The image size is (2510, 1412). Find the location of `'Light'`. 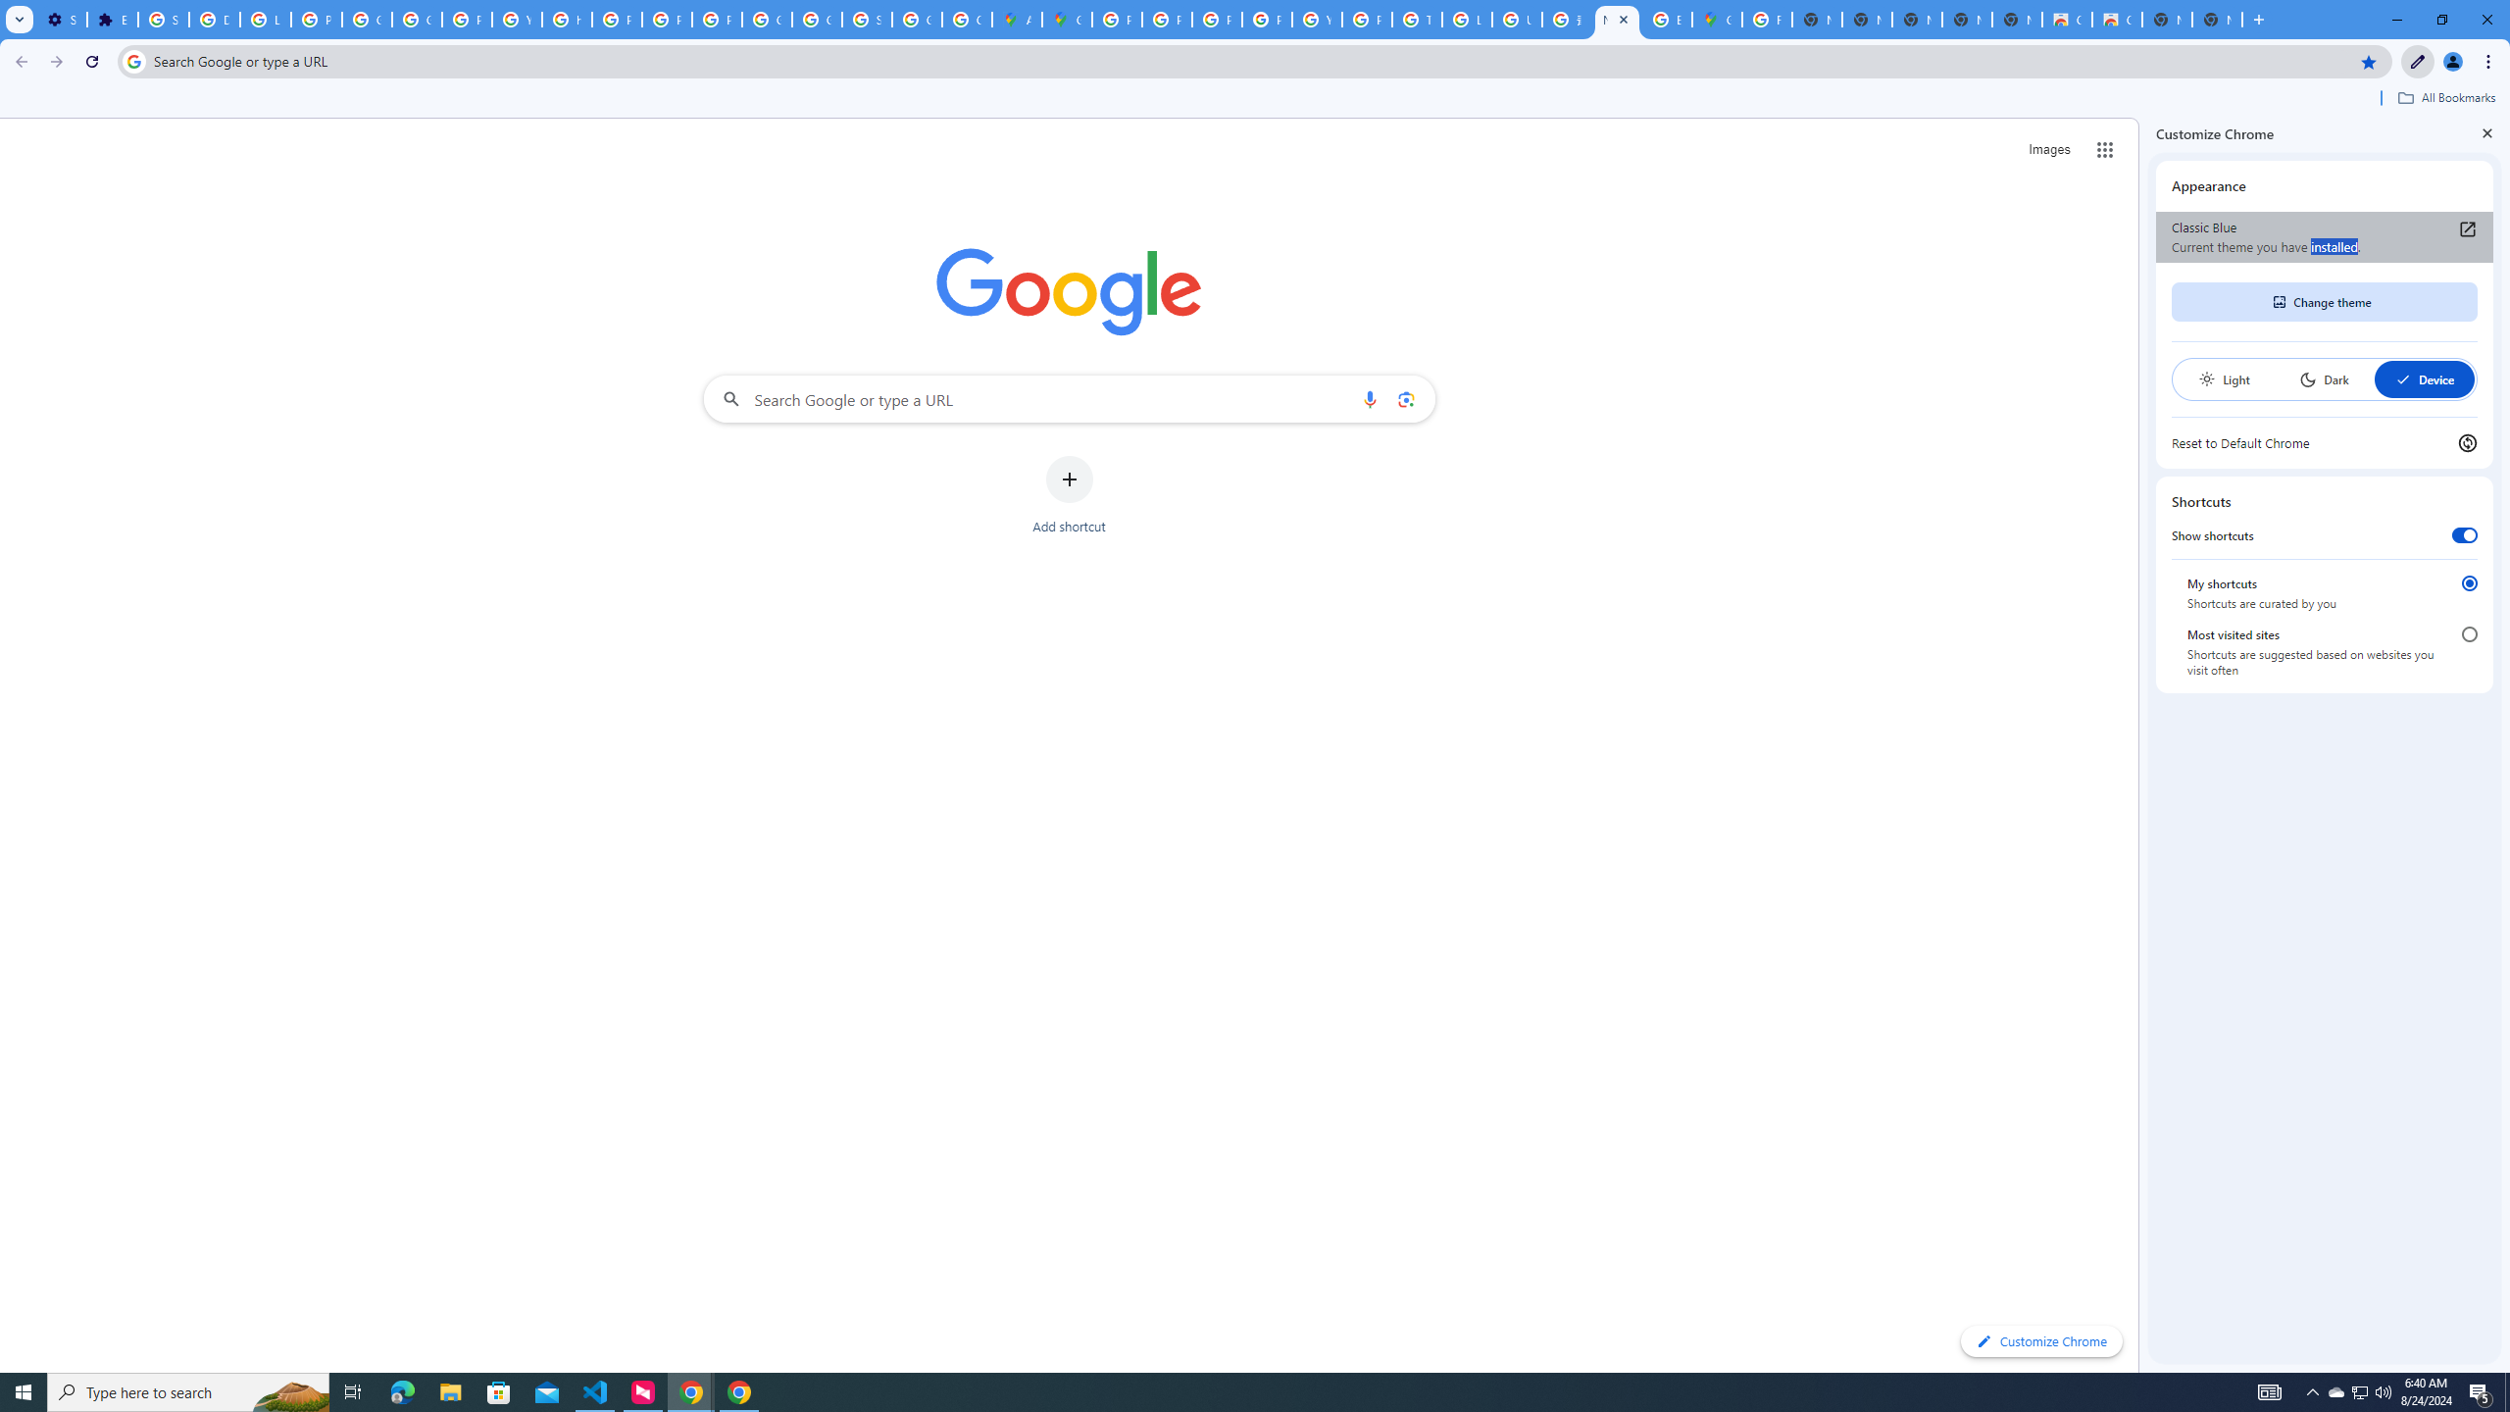

'Light' is located at coordinates (2223, 378).